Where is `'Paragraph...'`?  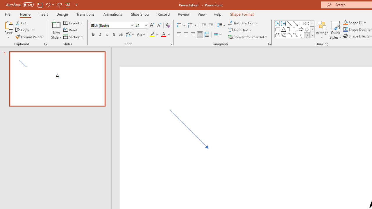
'Paragraph...' is located at coordinates (269, 44).